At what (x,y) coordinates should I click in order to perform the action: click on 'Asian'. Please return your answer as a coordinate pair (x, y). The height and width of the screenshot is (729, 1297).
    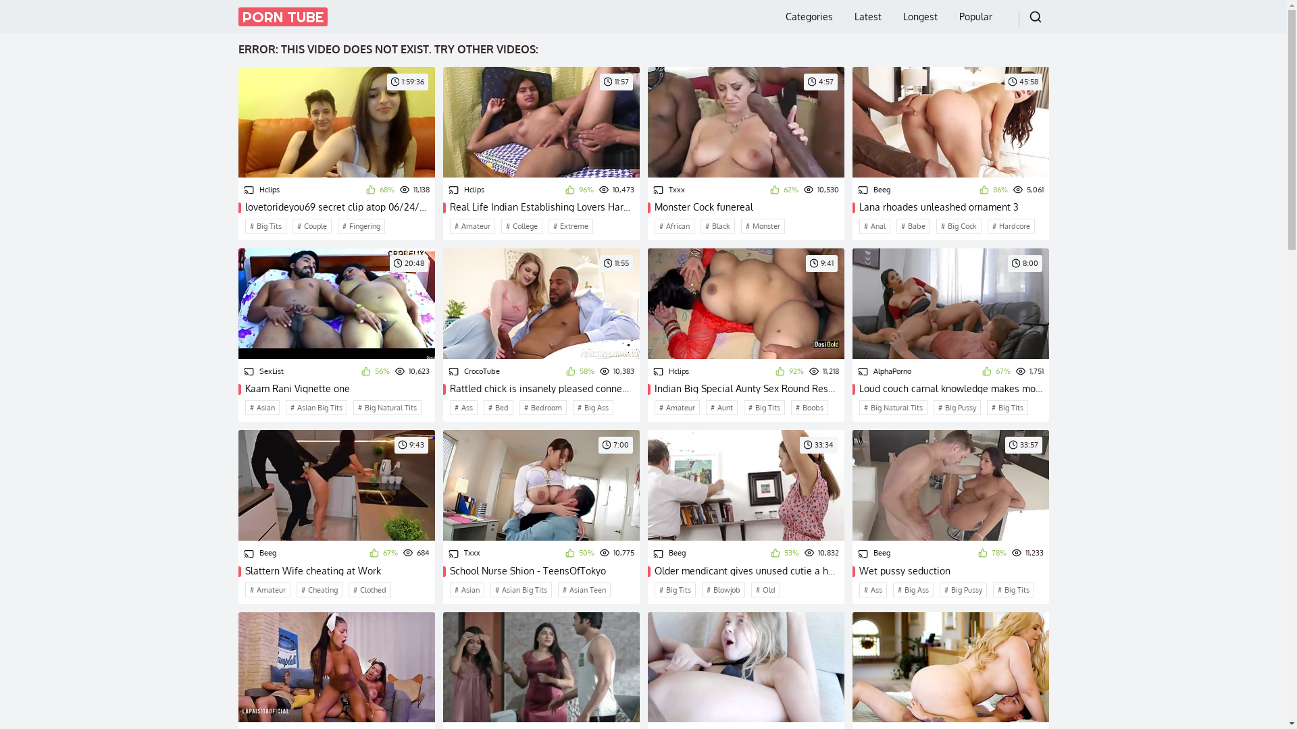
    Looking at the image, I should click on (261, 407).